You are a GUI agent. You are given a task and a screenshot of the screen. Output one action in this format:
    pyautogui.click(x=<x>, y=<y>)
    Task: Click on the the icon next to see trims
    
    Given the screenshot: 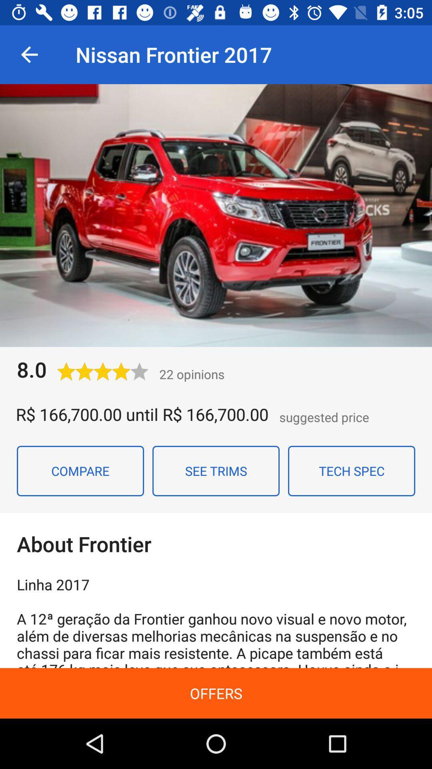 What is the action you would take?
    pyautogui.click(x=351, y=471)
    